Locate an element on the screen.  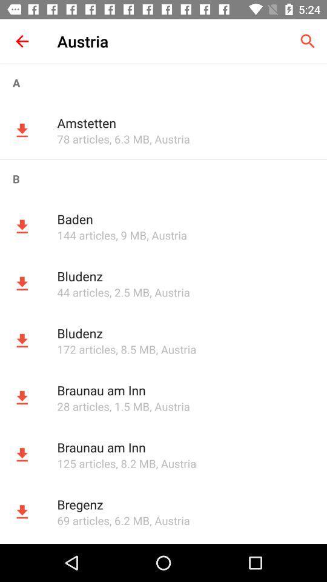
125 articles app is located at coordinates (85, 463).